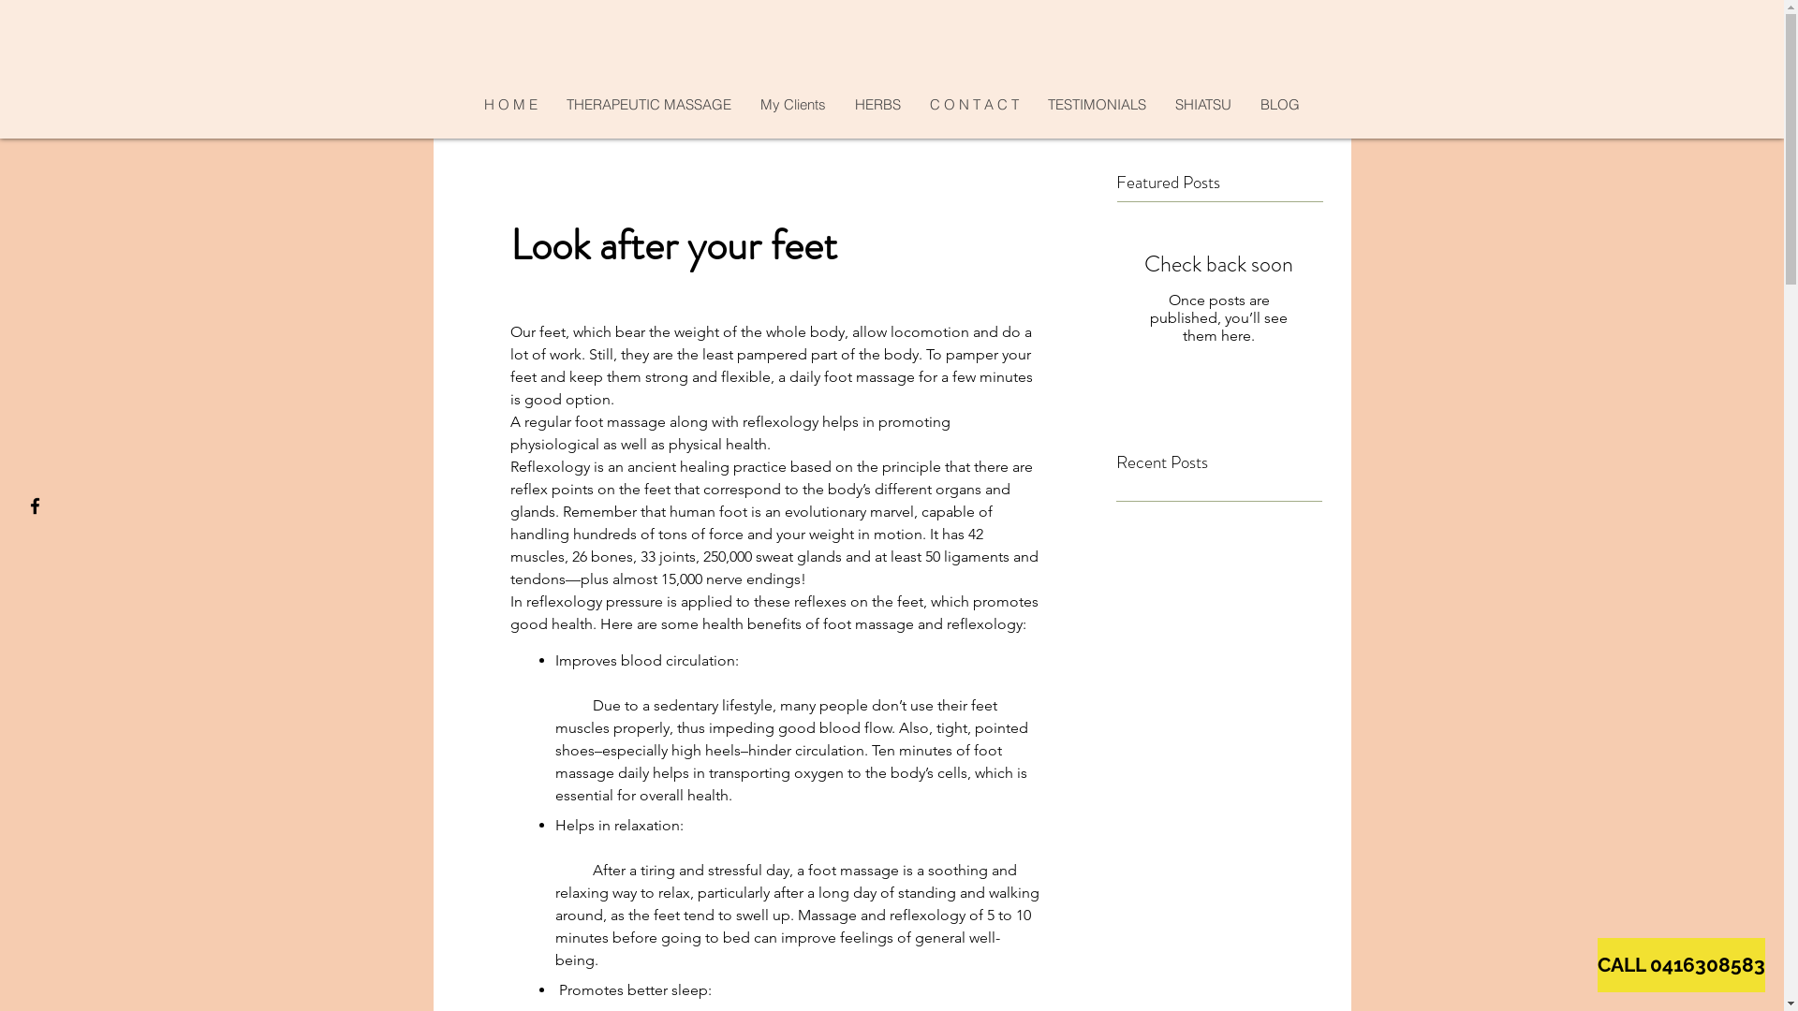 Image resolution: width=1798 pixels, height=1011 pixels. I want to click on 'HERBS', so click(876, 104).